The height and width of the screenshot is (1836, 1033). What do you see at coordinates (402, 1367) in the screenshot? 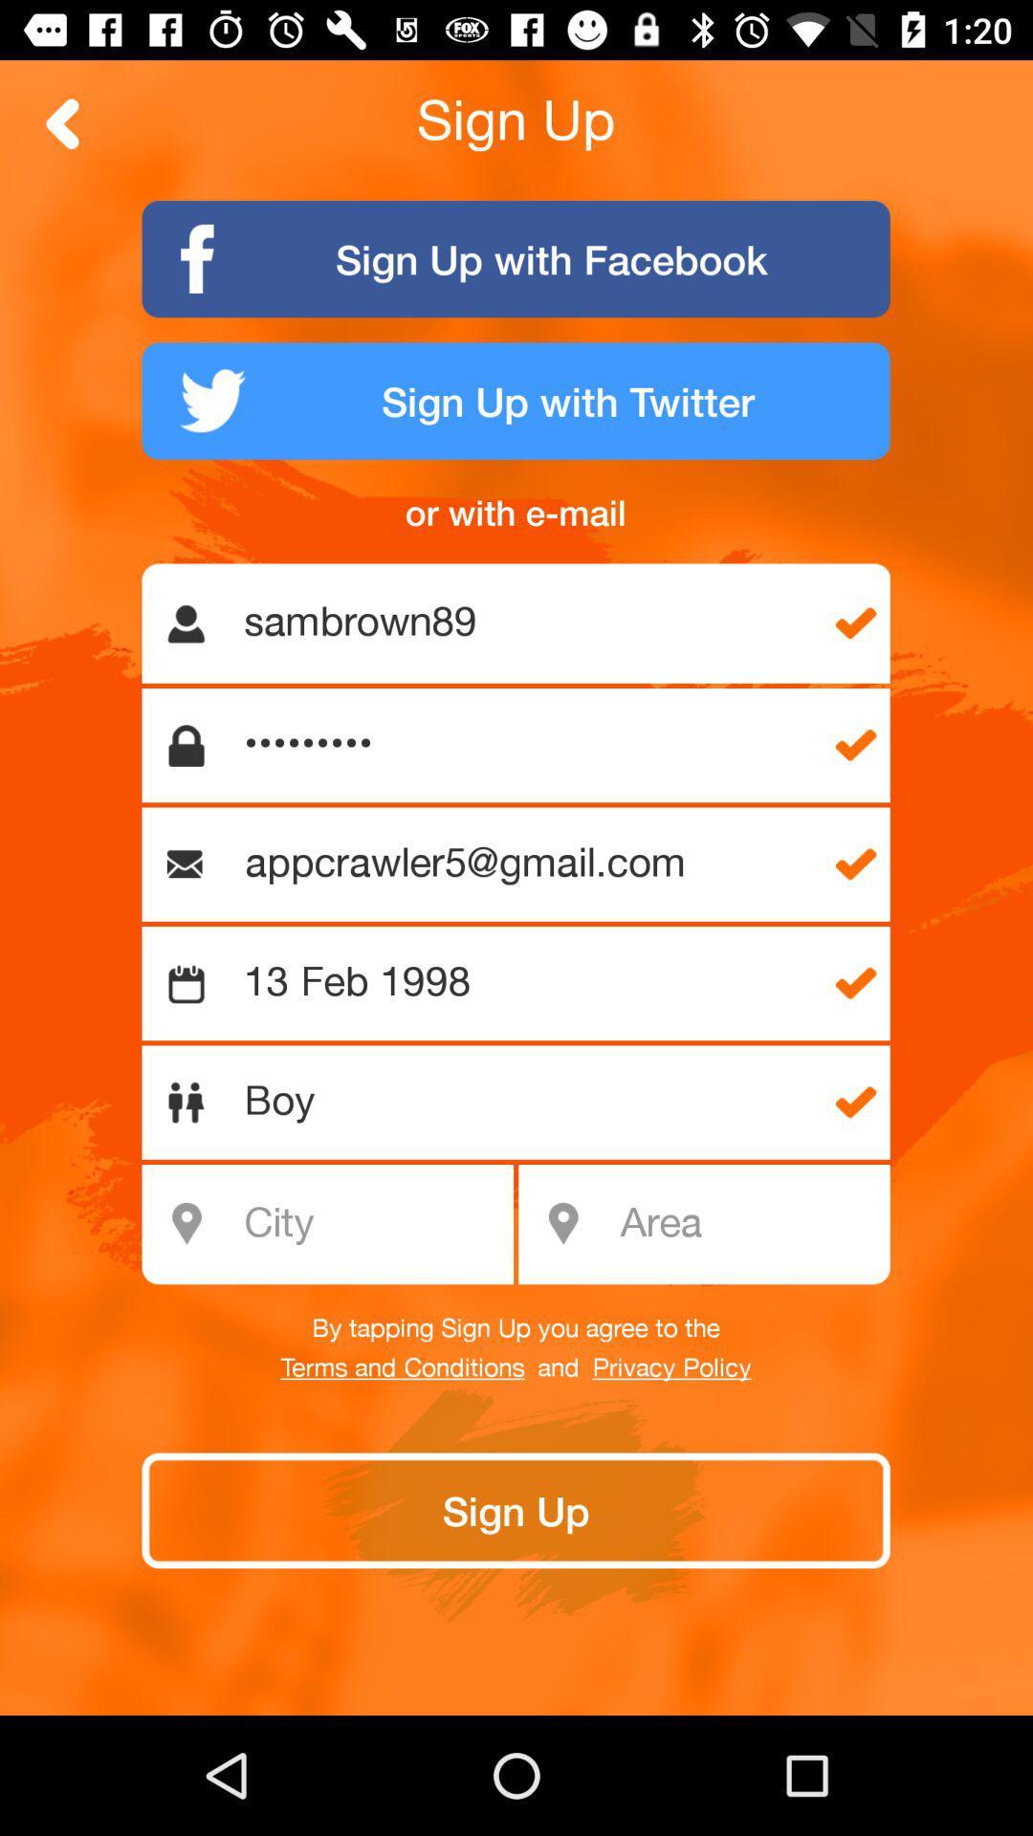
I see `terms and conditions item` at bounding box center [402, 1367].